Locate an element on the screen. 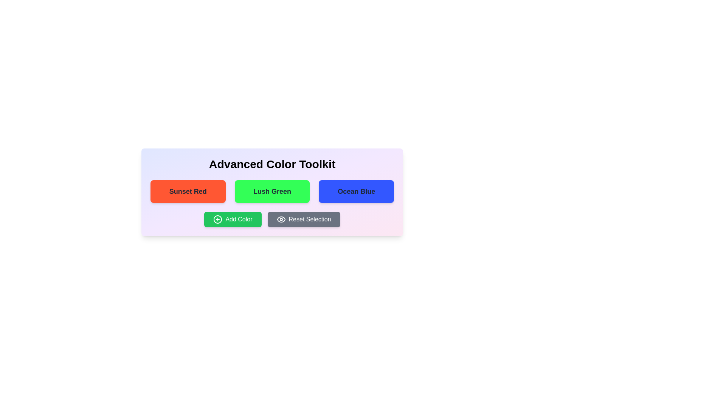 The height and width of the screenshot is (408, 726). the centrally located Grid layout containing buttons that represents a selection interface for color options is located at coordinates (272, 191).